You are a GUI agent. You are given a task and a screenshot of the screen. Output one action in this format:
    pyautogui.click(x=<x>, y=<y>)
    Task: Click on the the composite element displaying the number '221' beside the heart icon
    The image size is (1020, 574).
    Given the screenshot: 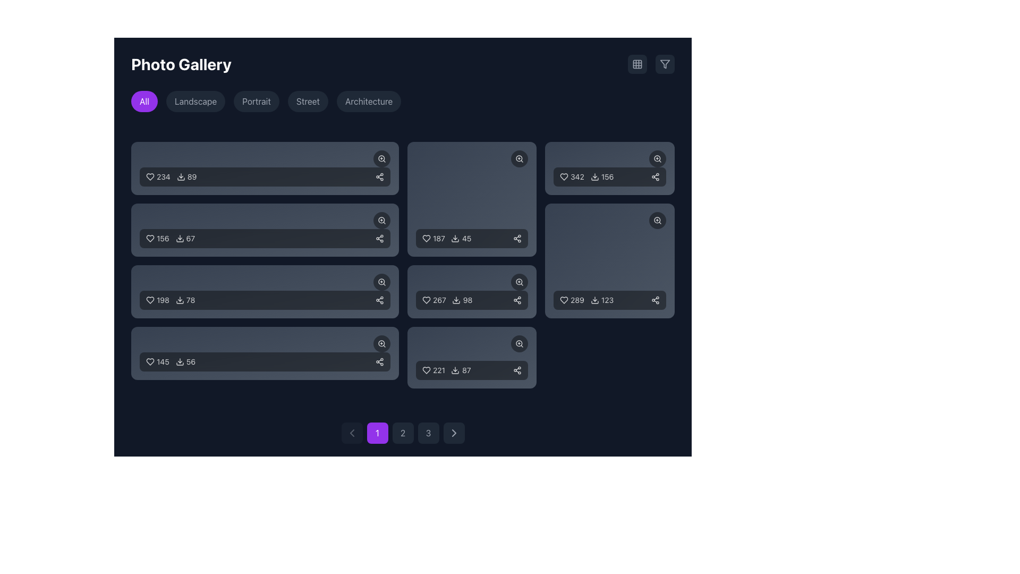 What is the action you would take?
    pyautogui.click(x=433, y=370)
    